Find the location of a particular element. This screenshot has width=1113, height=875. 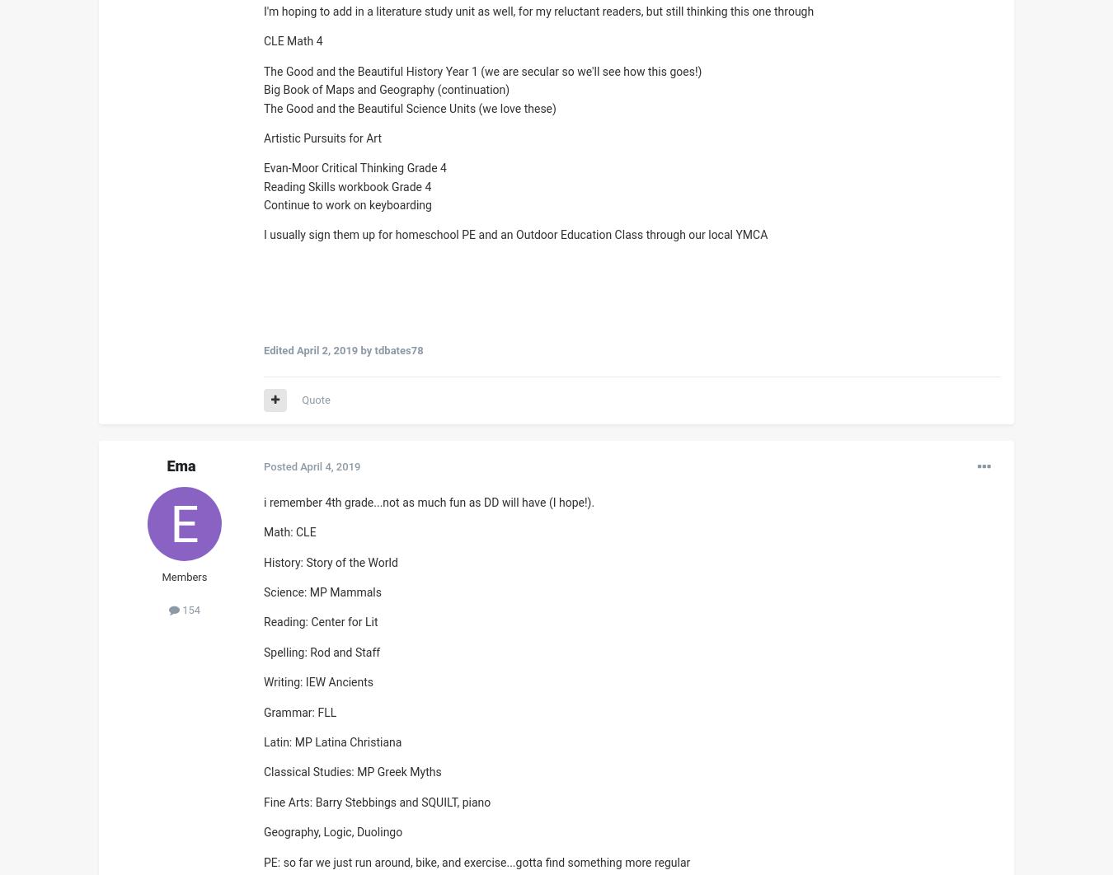

'Edited' is located at coordinates (279, 349).